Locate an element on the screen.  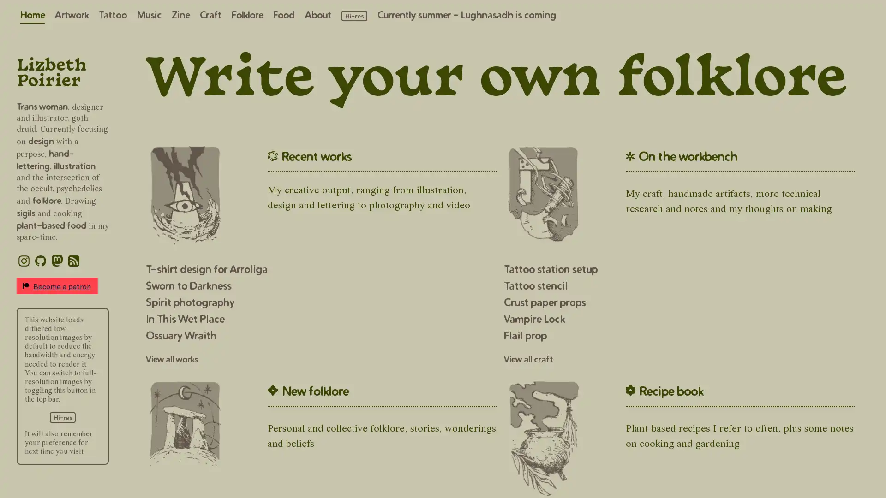
Load high resolution images is located at coordinates (62, 417).